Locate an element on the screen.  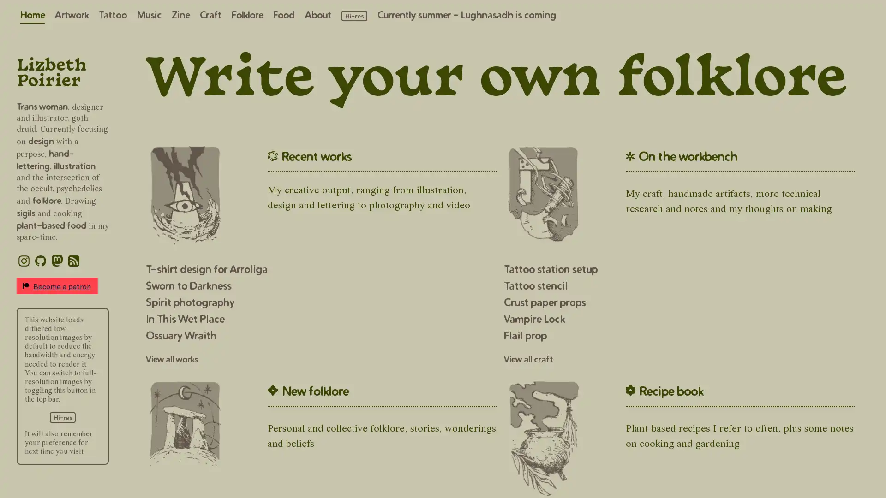
Load high resolution images is located at coordinates (62, 417).